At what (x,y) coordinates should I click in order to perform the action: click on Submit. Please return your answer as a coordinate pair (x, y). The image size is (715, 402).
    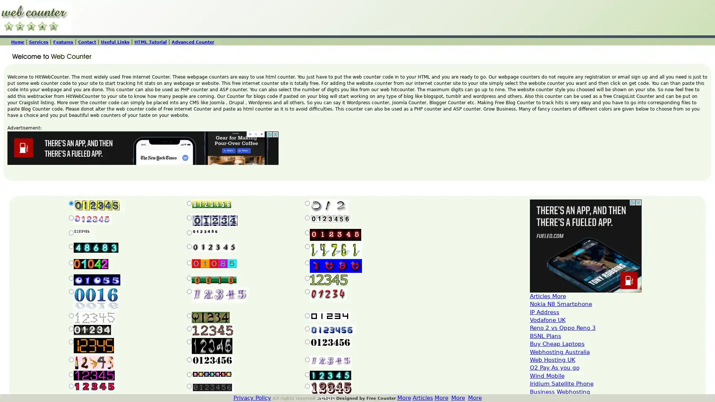
    Looking at the image, I should click on (330, 375).